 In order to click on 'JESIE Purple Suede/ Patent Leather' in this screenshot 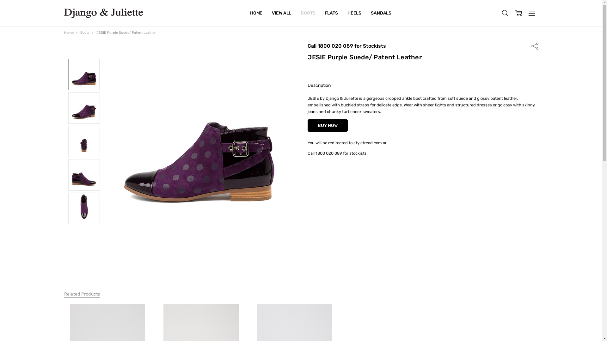, I will do `click(96, 33)`.